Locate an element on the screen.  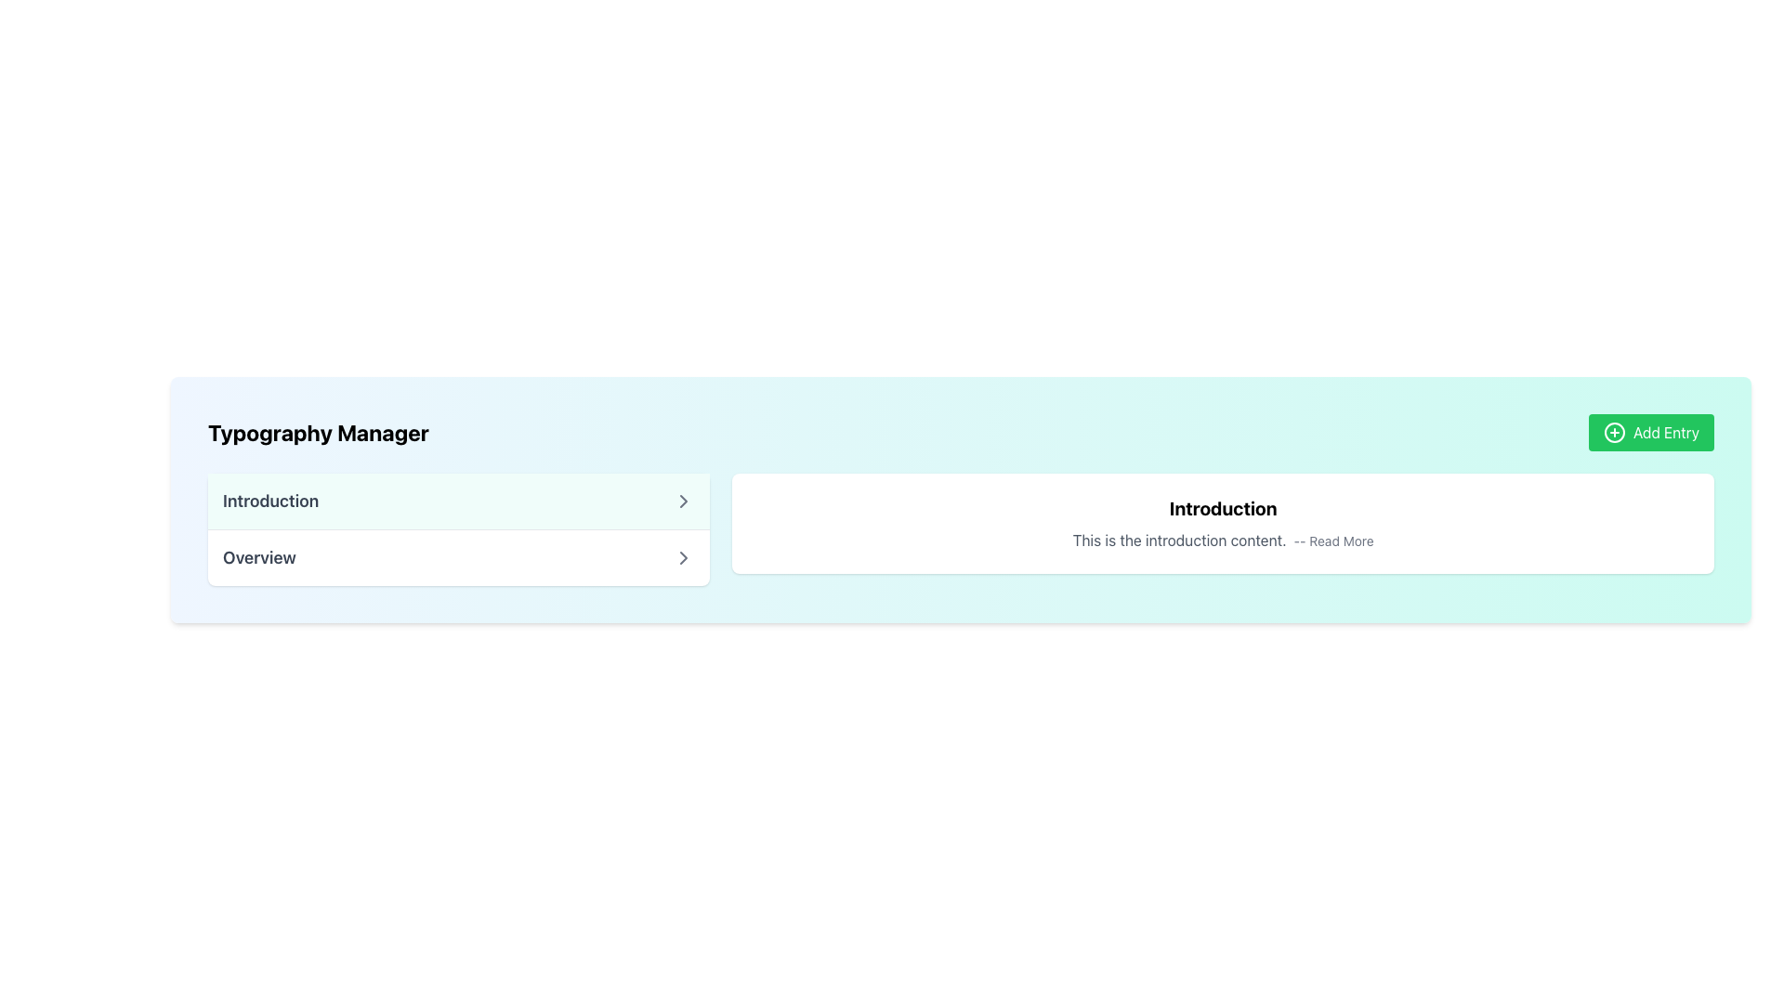
the interactive icon at the far right end of the 'Overview' list item in the left column of the interface is located at coordinates (683, 501).